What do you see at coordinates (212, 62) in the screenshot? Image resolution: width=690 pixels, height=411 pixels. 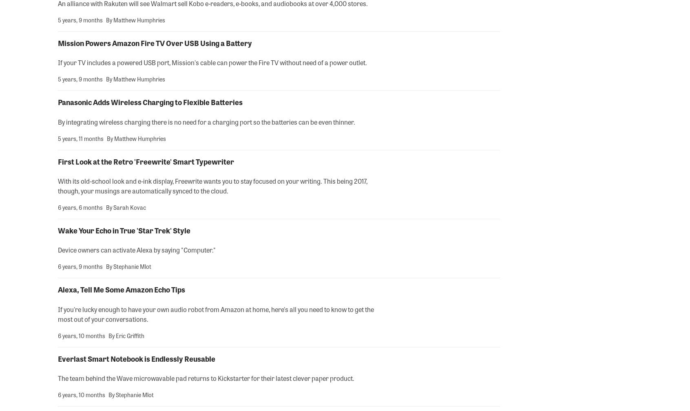 I see `'If your TV includes a powered USB port, Mission's cable can power the Fire TV without need of a power outlet.'` at bounding box center [212, 62].